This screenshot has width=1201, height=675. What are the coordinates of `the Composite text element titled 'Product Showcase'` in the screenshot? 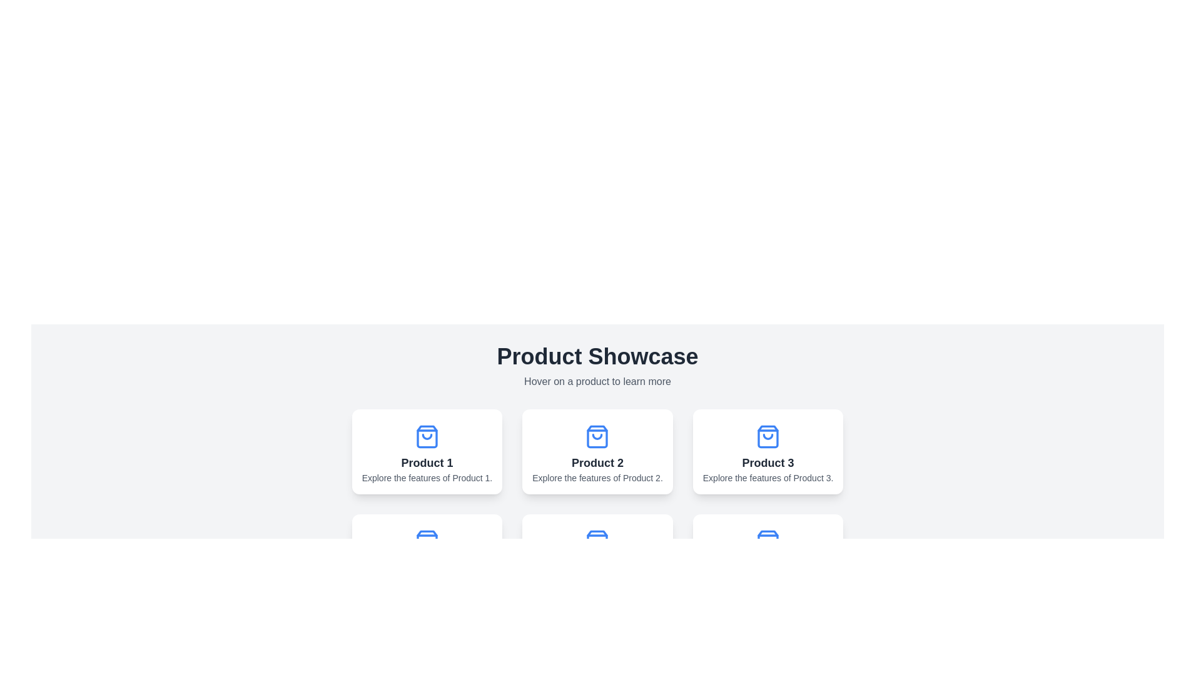 It's located at (597, 366).